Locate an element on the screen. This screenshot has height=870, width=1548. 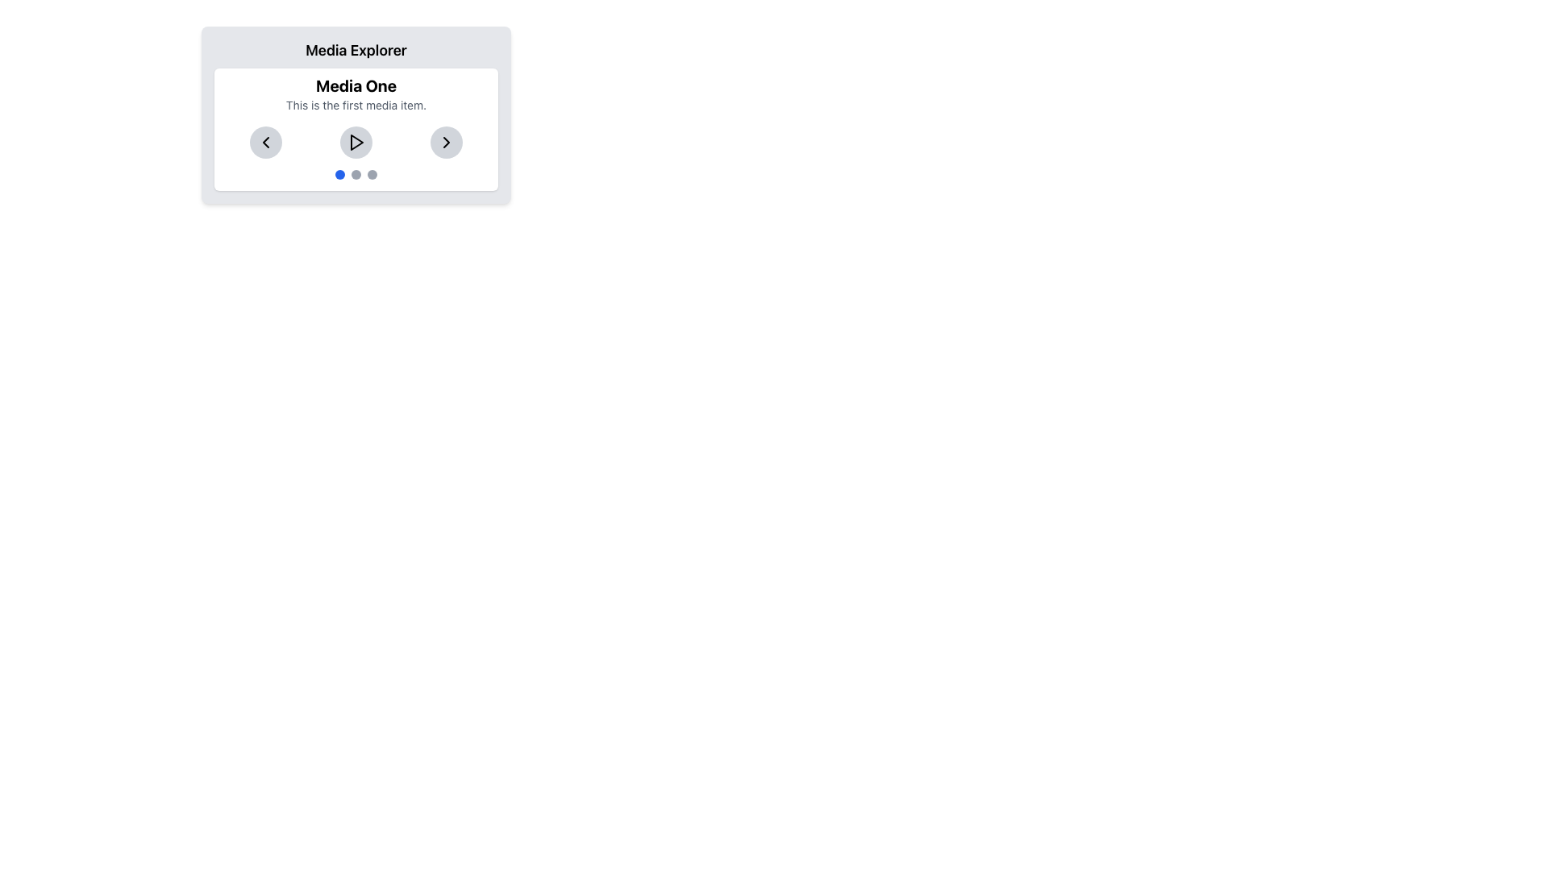
the circular button that navigates to the next media item in the media player card is located at coordinates (446, 142).